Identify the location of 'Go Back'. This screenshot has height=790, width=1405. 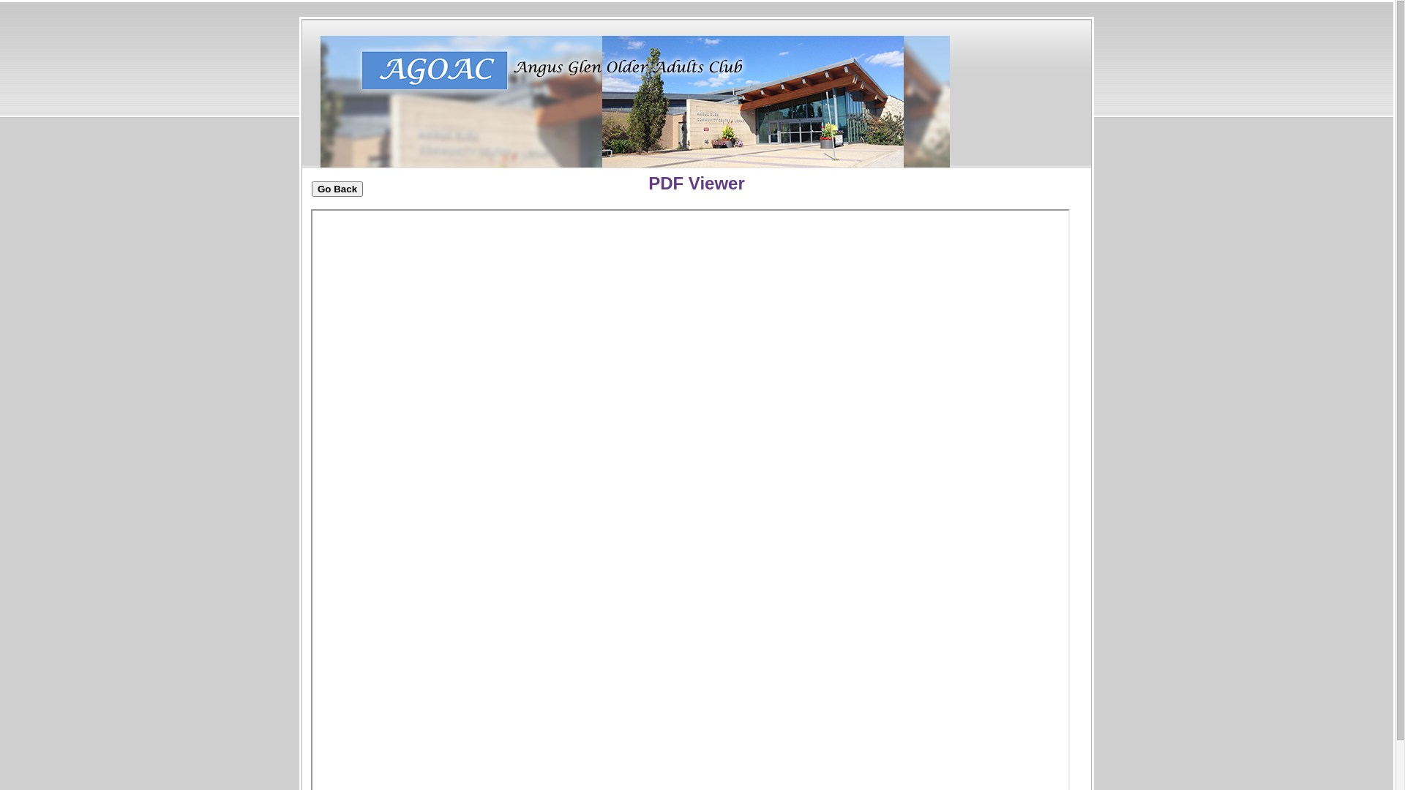
(311, 188).